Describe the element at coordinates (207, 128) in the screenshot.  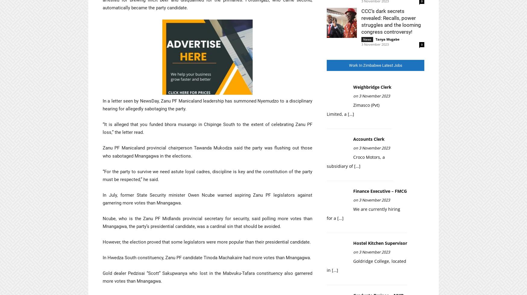
I see `'“It is alleged that you funded bhora musango in Chipinge South to the extent of celebrating Zanu PF loss,” the letter read.'` at that location.